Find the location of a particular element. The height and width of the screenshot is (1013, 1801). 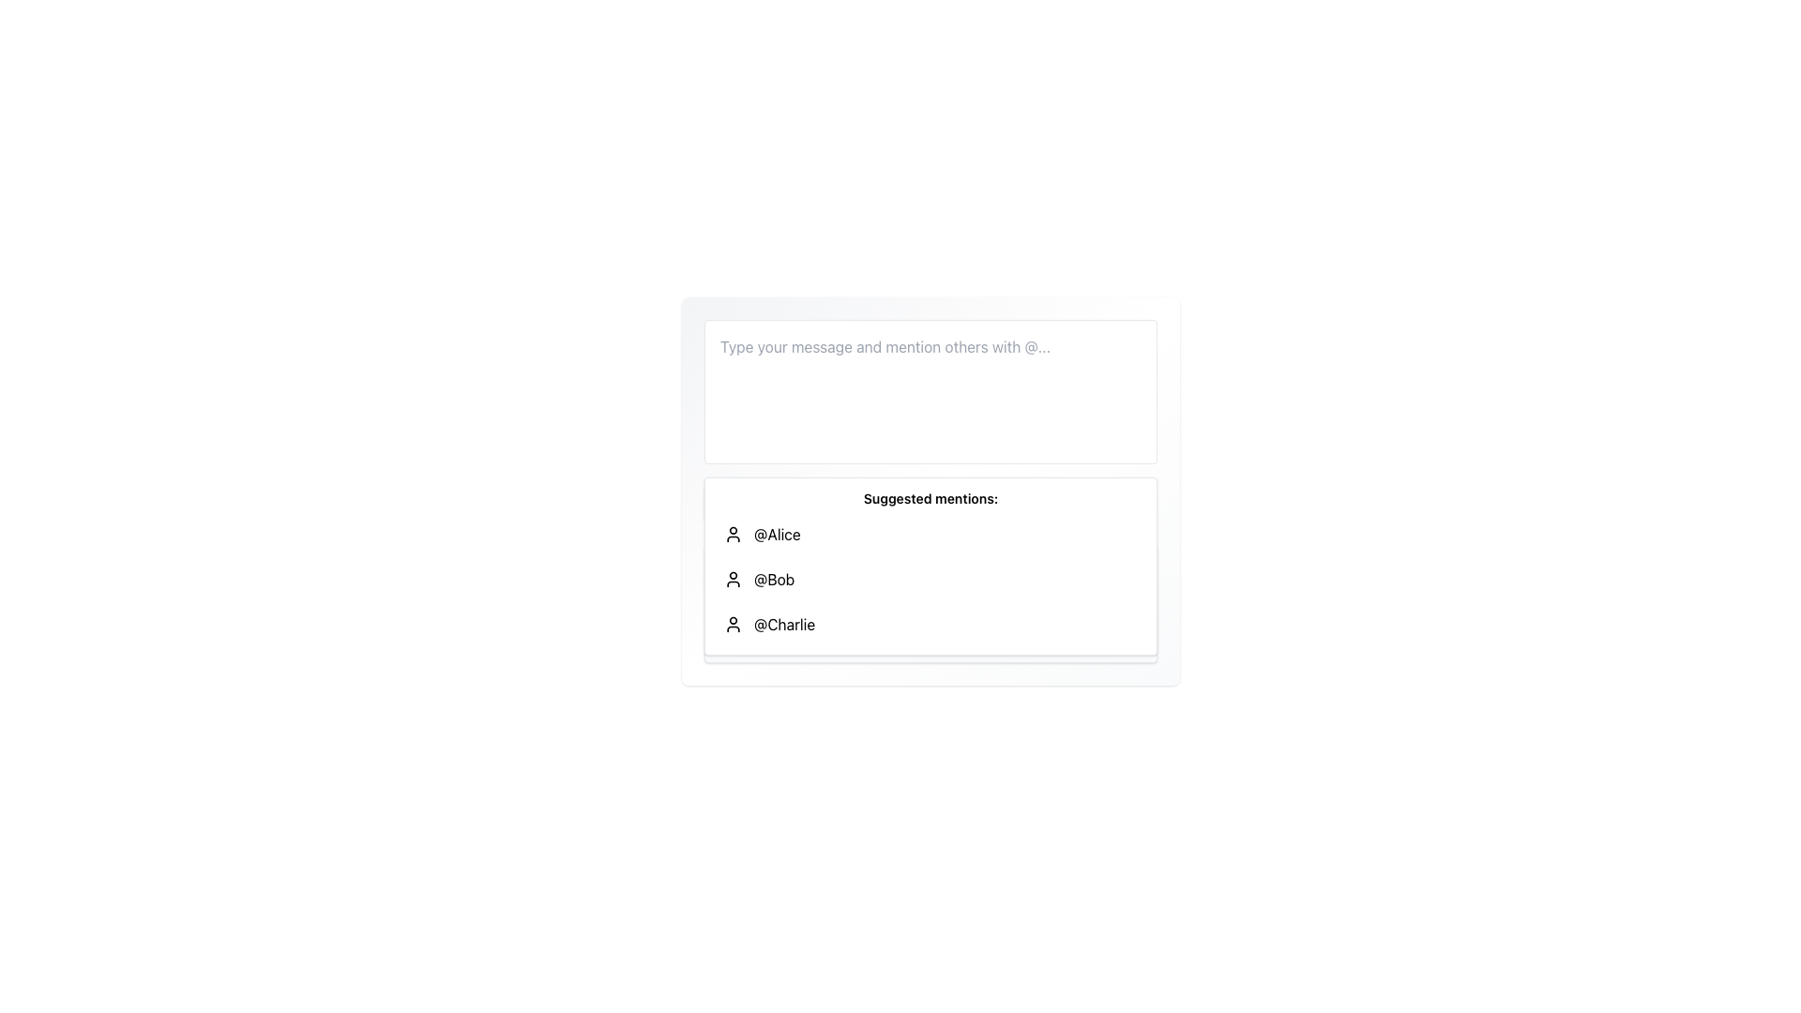

the first list item suggesting the user 'Alice' in the vertical suggestion list is located at coordinates (931, 535).